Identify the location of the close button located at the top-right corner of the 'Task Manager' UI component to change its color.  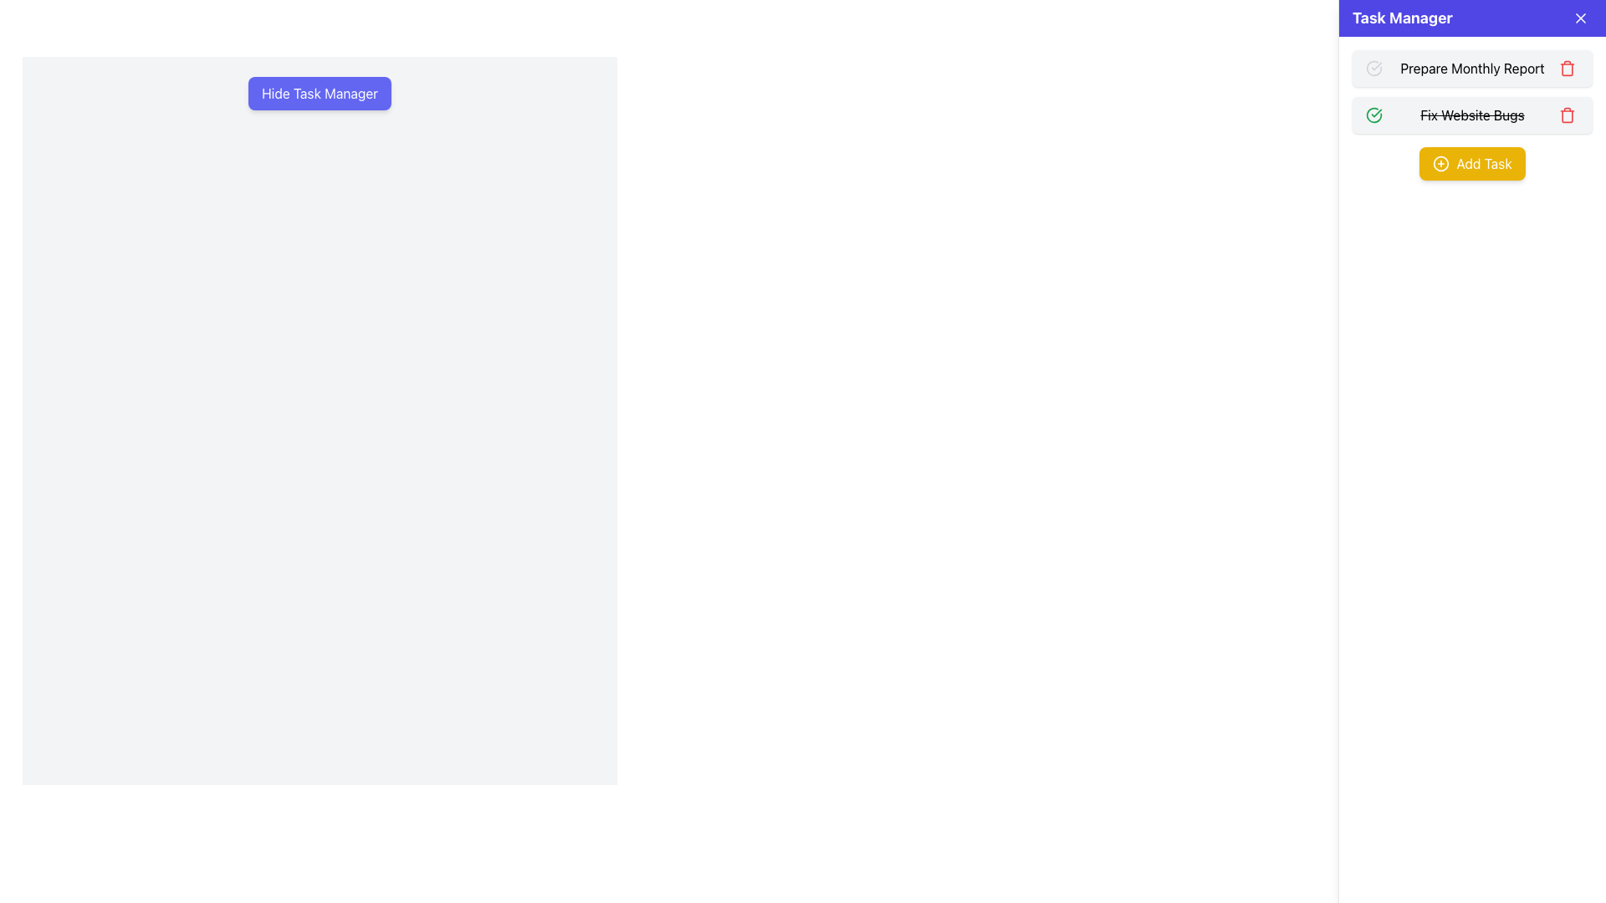
(1580, 18).